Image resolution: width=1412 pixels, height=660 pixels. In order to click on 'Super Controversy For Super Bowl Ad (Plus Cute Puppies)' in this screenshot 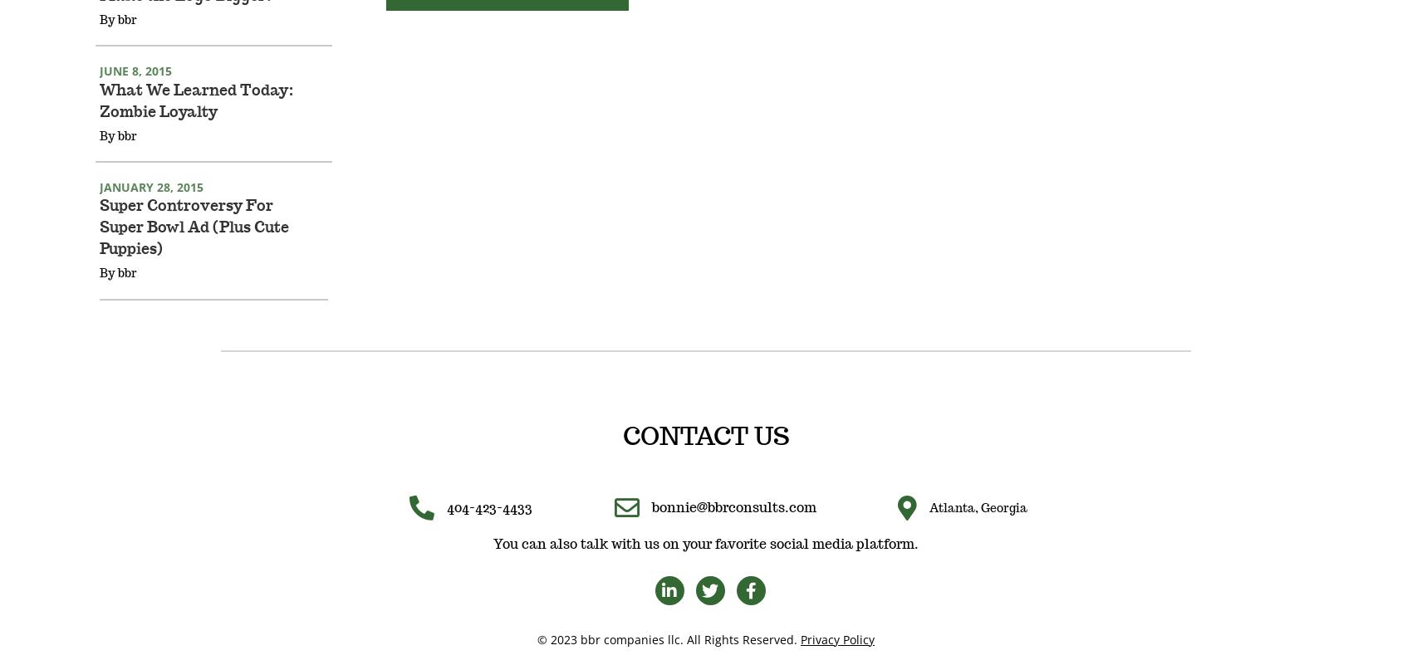, I will do `click(194, 250)`.